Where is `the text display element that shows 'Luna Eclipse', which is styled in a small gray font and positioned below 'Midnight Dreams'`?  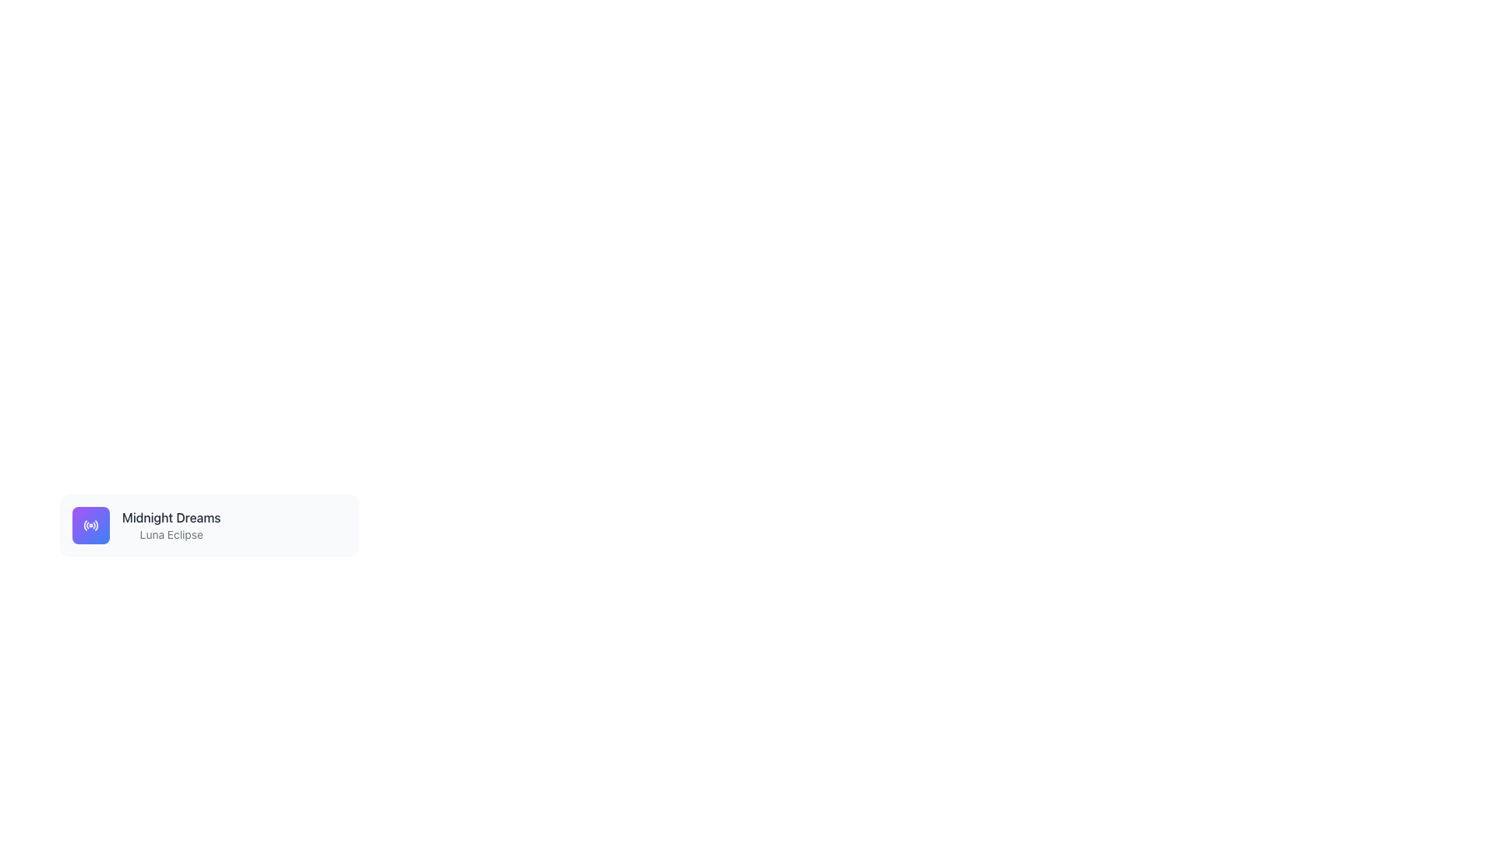 the text display element that shows 'Luna Eclipse', which is styled in a small gray font and positioned below 'Midnight Dreams' is located at coordinates (171, 533).